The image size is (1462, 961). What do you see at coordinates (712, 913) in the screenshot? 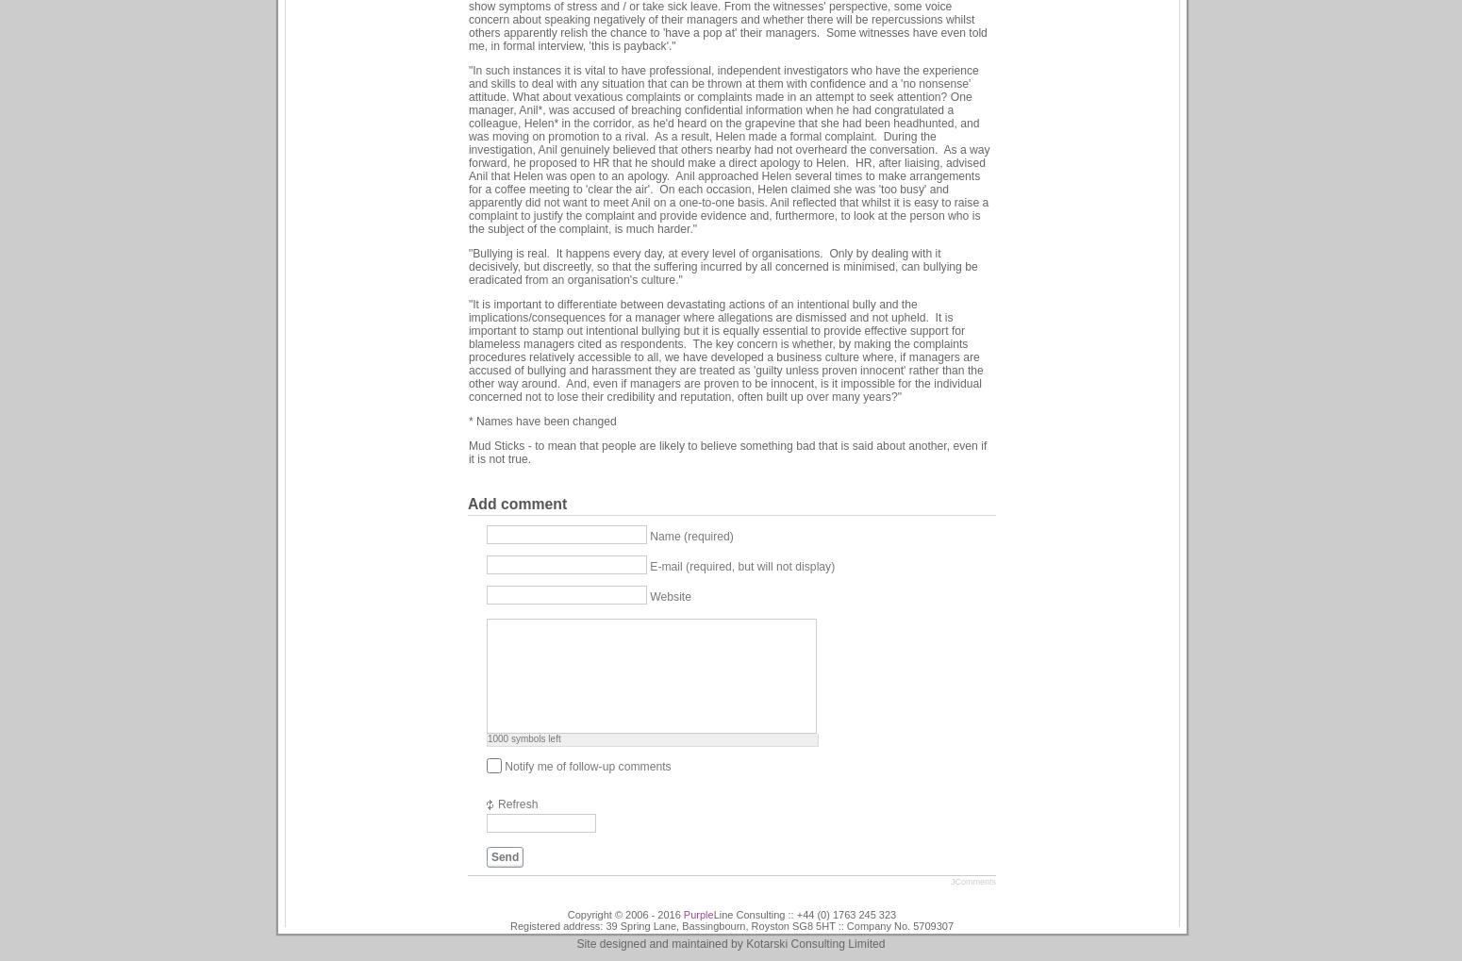
I see `'Line Consulting :: +44 (0) 1763 245 323'` at bounding box center [712, 913].